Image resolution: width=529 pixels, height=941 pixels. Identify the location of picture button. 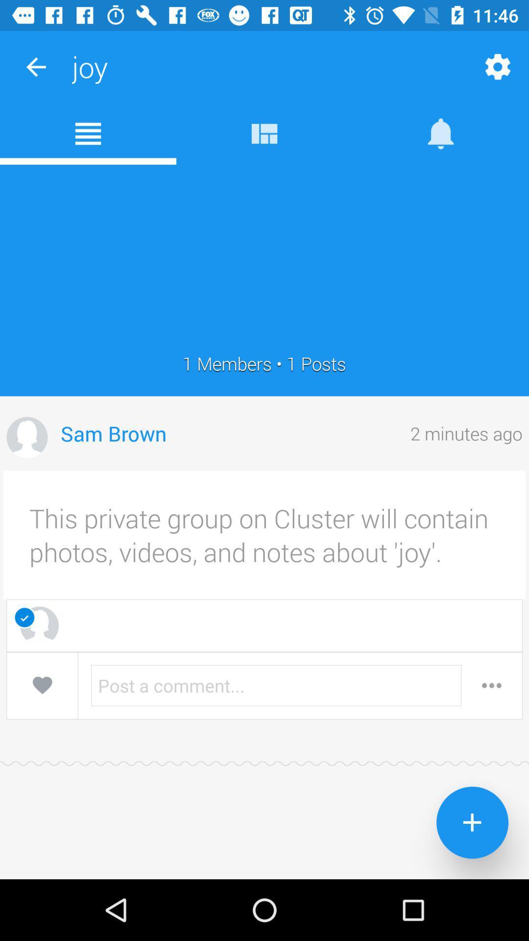
(26, 437).